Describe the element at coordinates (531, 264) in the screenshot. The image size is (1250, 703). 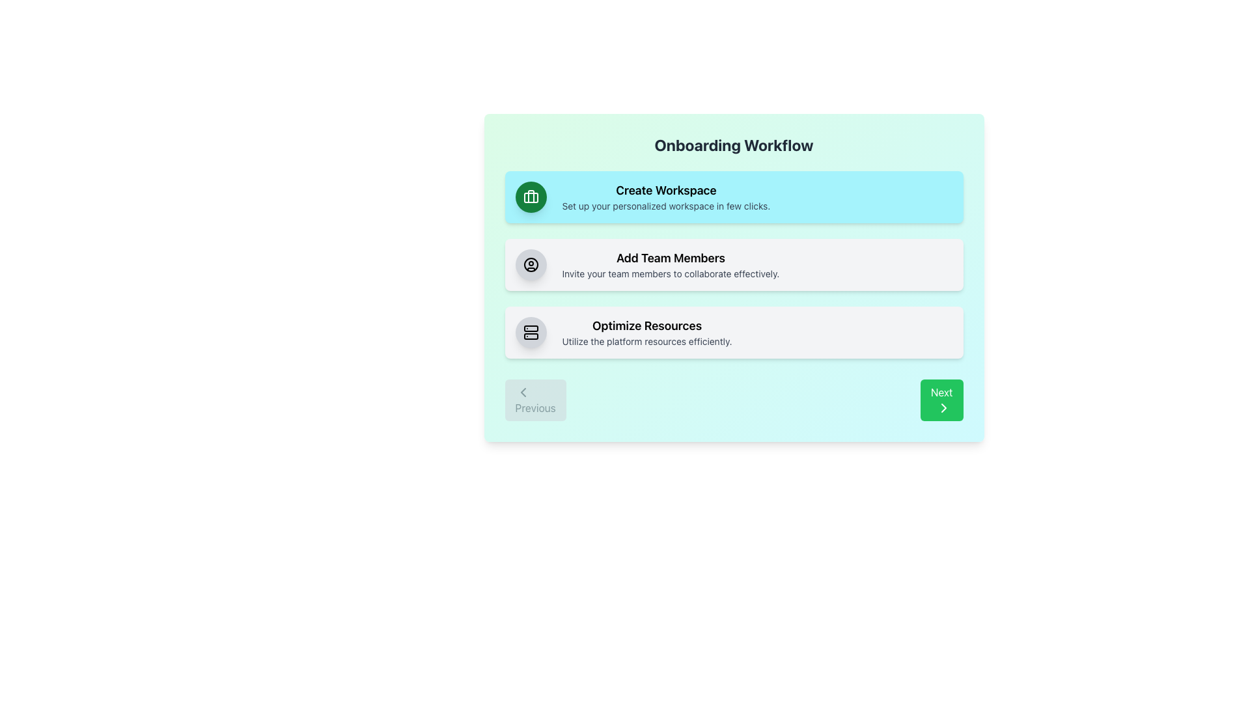
I see `the circular user icon resembling a stylized profile avatar, which is the leftmost icon inside the rounded rectangular button labeled 'Add Team Members' on the onboarding interface` at that location.